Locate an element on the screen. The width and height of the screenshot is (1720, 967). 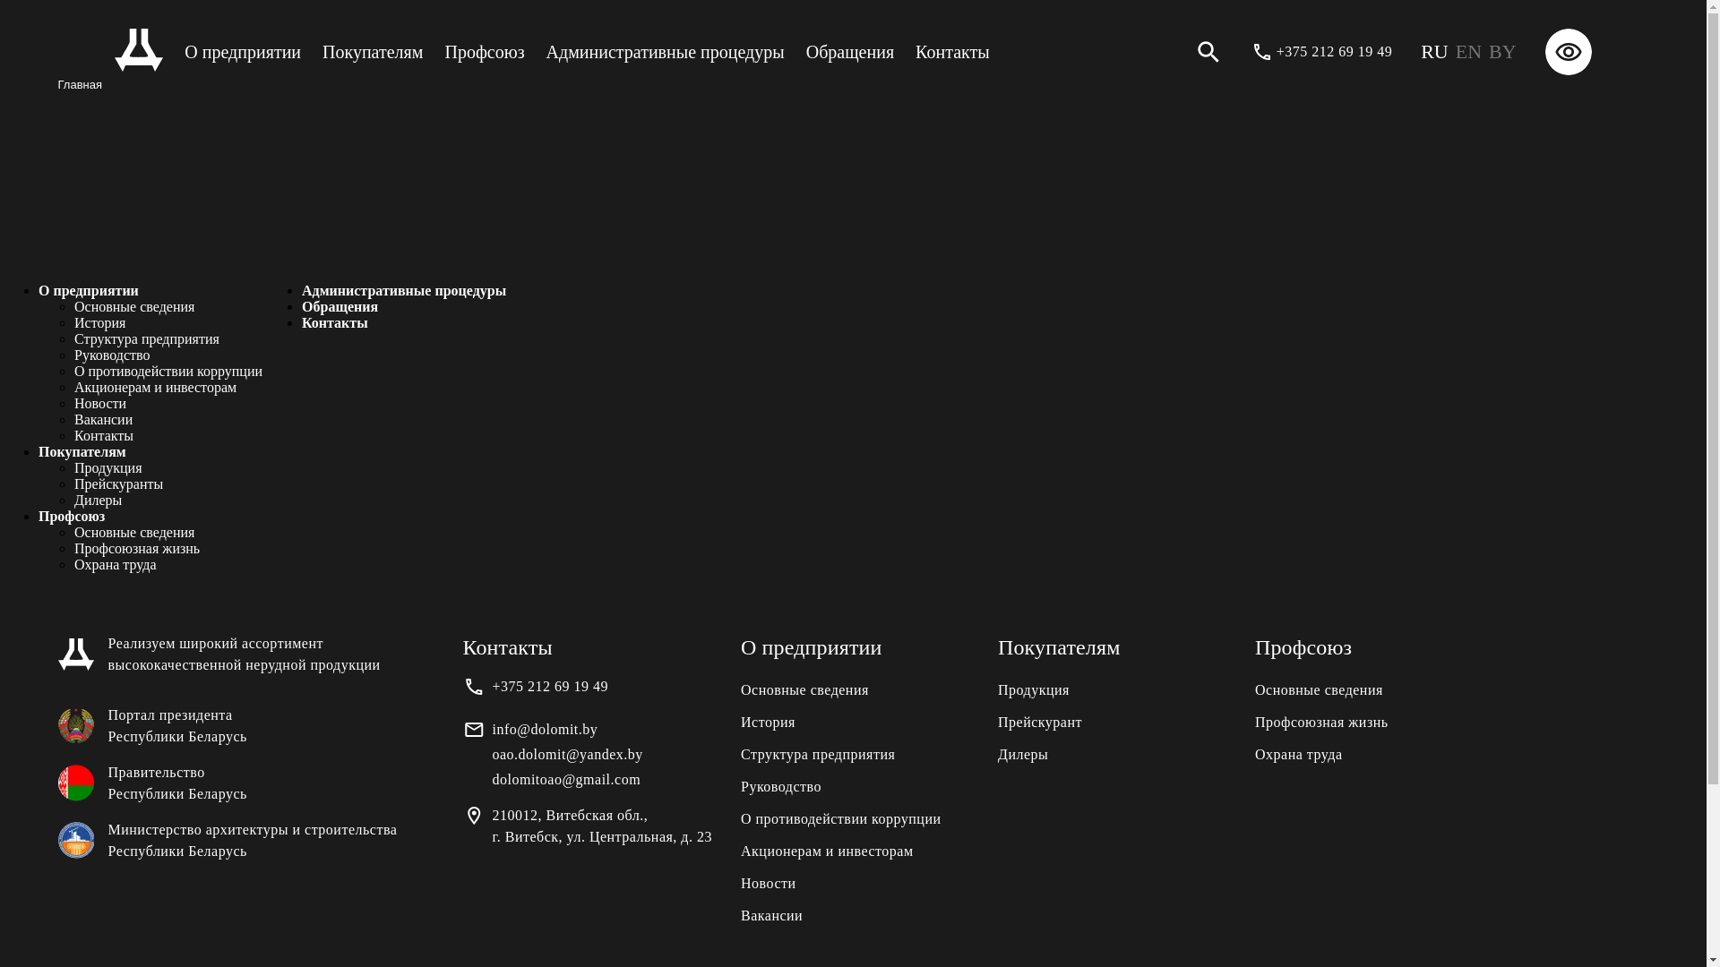
'BY' is located at coordinates (1502, 50).